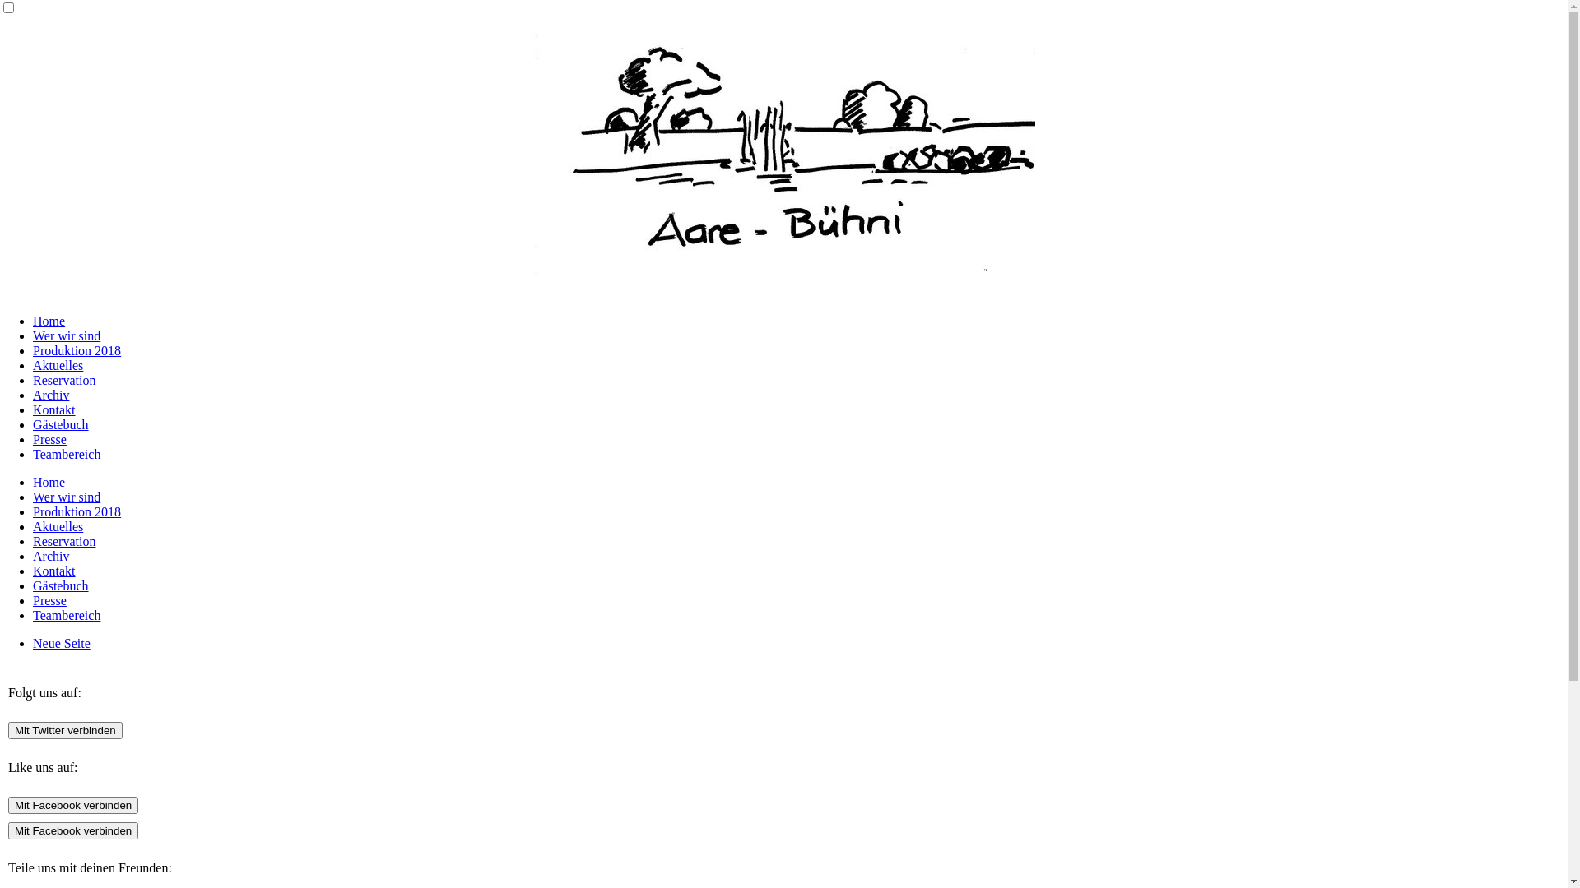  Describe the element at coordinates (49, 600) in the screenshot. I see `'Presse'` at that location.